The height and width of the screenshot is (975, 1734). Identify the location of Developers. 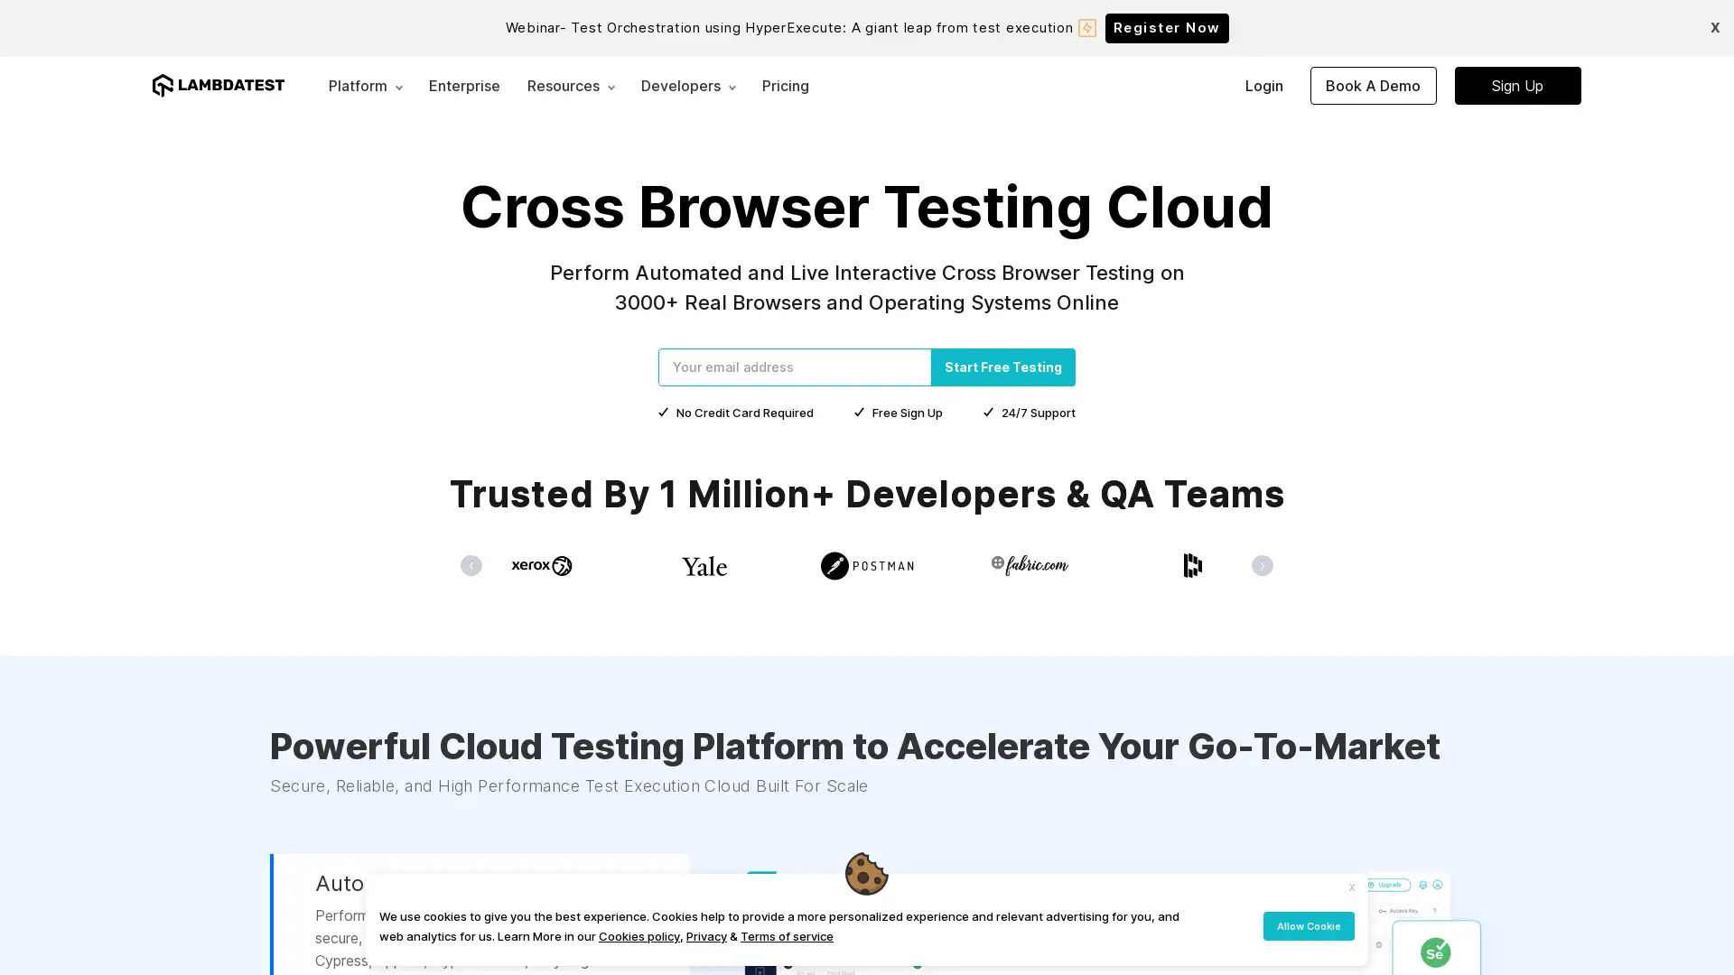
(687, 84).